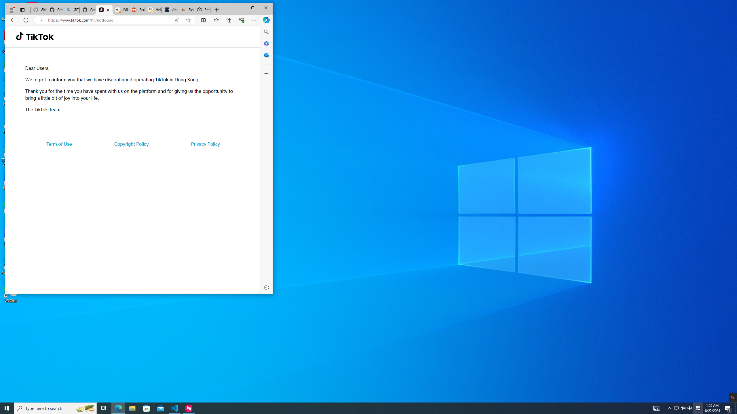 Image resolution: width=737 pixels, height=414 pixels. What do you see at coordinates (683, 408) in the screenshot?
I see `'Q2790: 100%'` at bounding box center [683, 408].